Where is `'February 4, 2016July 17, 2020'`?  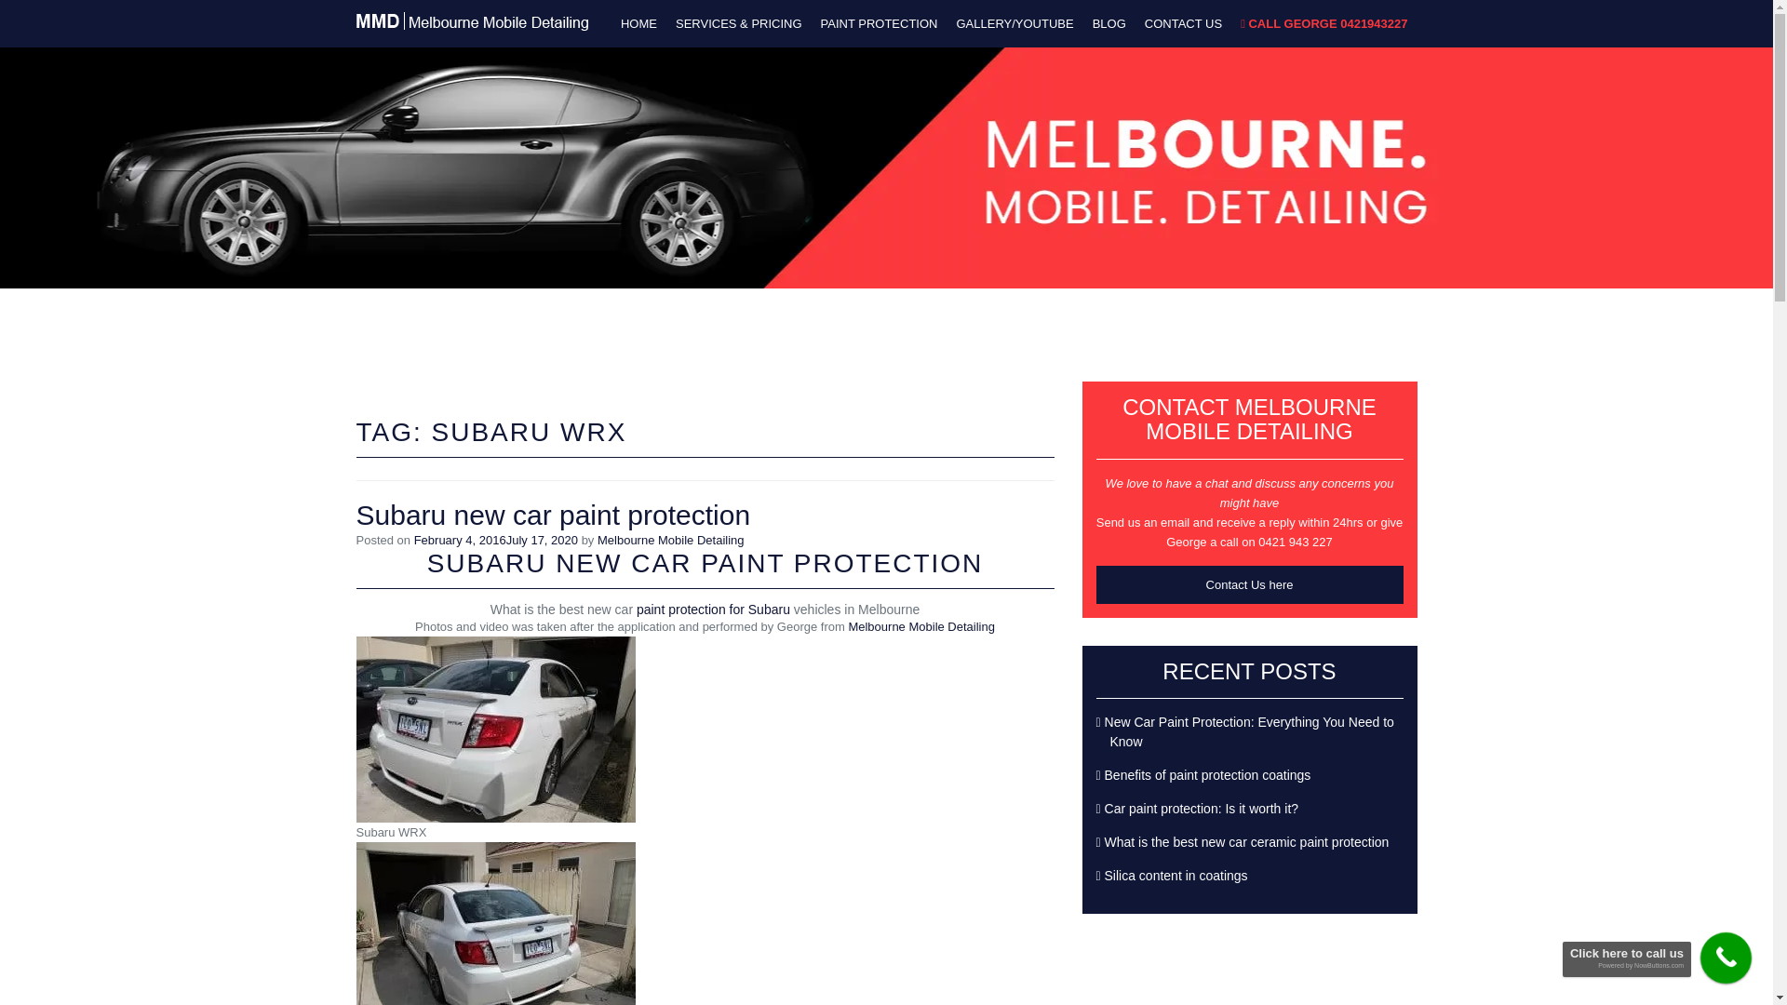 'February 4, 2016July 17, 2020' is located at coordinates (495, 540).